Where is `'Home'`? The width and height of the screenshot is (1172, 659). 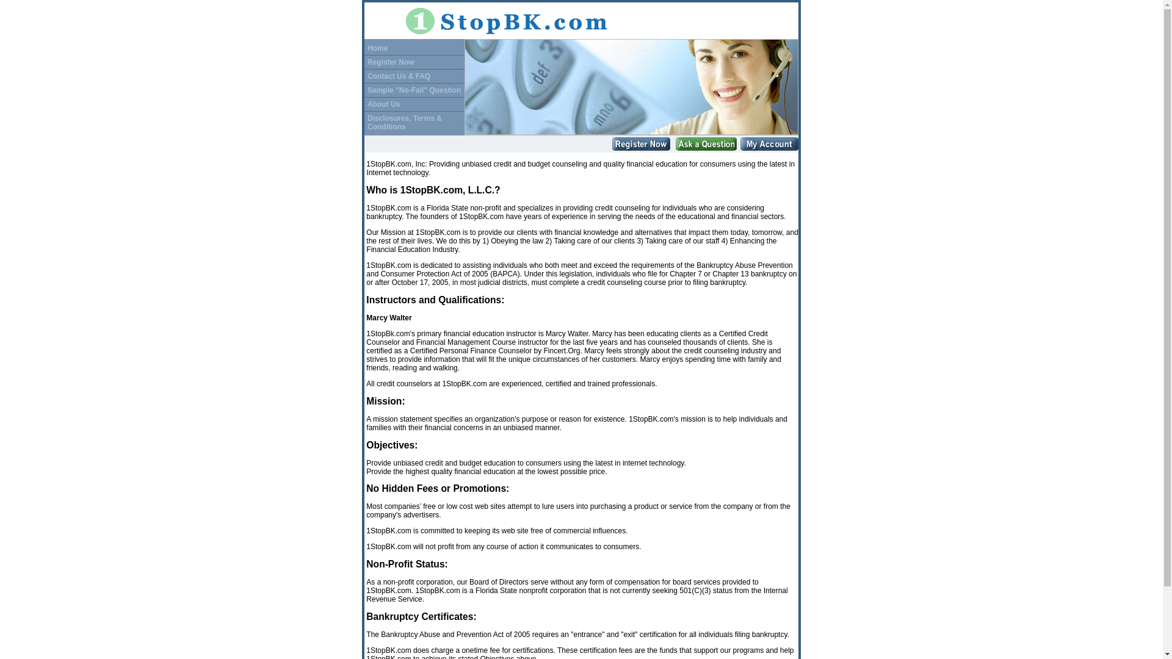 'Home' is located at coordinates (377, 47).